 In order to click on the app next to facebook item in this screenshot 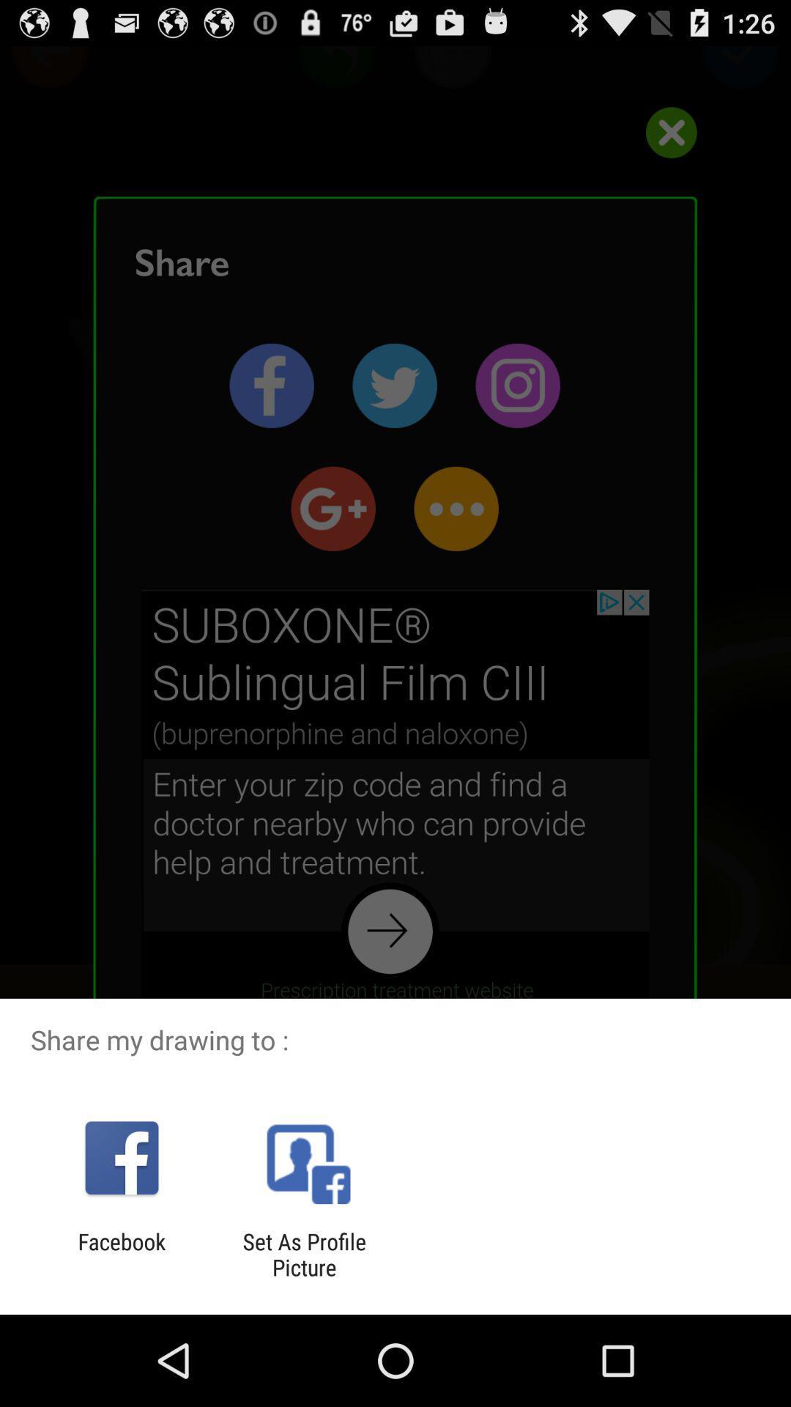, I will do `click(303, 1254)`.